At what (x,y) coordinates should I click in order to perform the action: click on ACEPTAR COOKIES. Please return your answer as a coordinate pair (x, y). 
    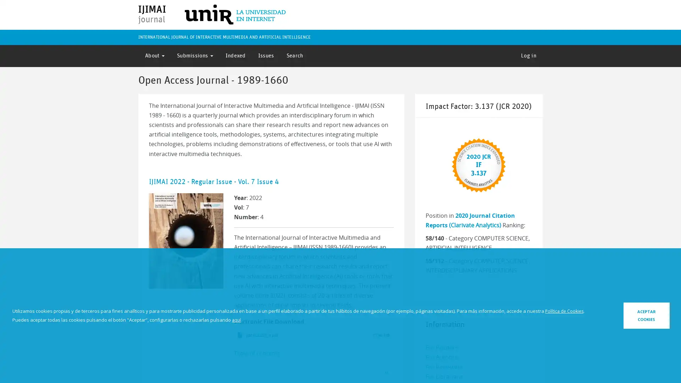
    Looking at the image, I should click on (627, 315).